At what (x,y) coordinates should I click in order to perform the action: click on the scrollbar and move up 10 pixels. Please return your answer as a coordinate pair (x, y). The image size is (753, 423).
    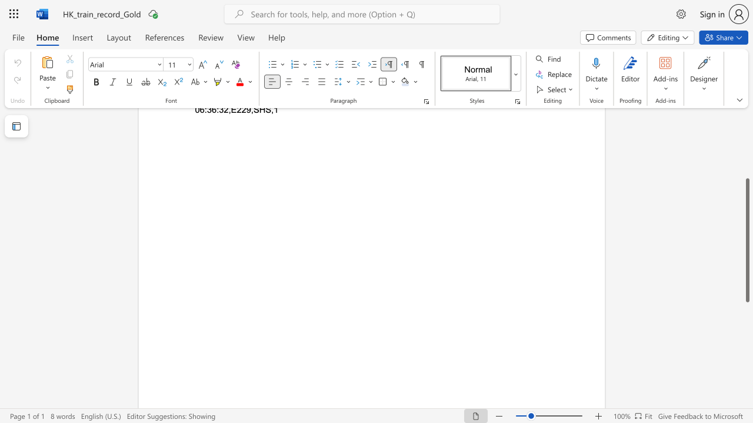
    Looking at the image, I should click on (747, 240).